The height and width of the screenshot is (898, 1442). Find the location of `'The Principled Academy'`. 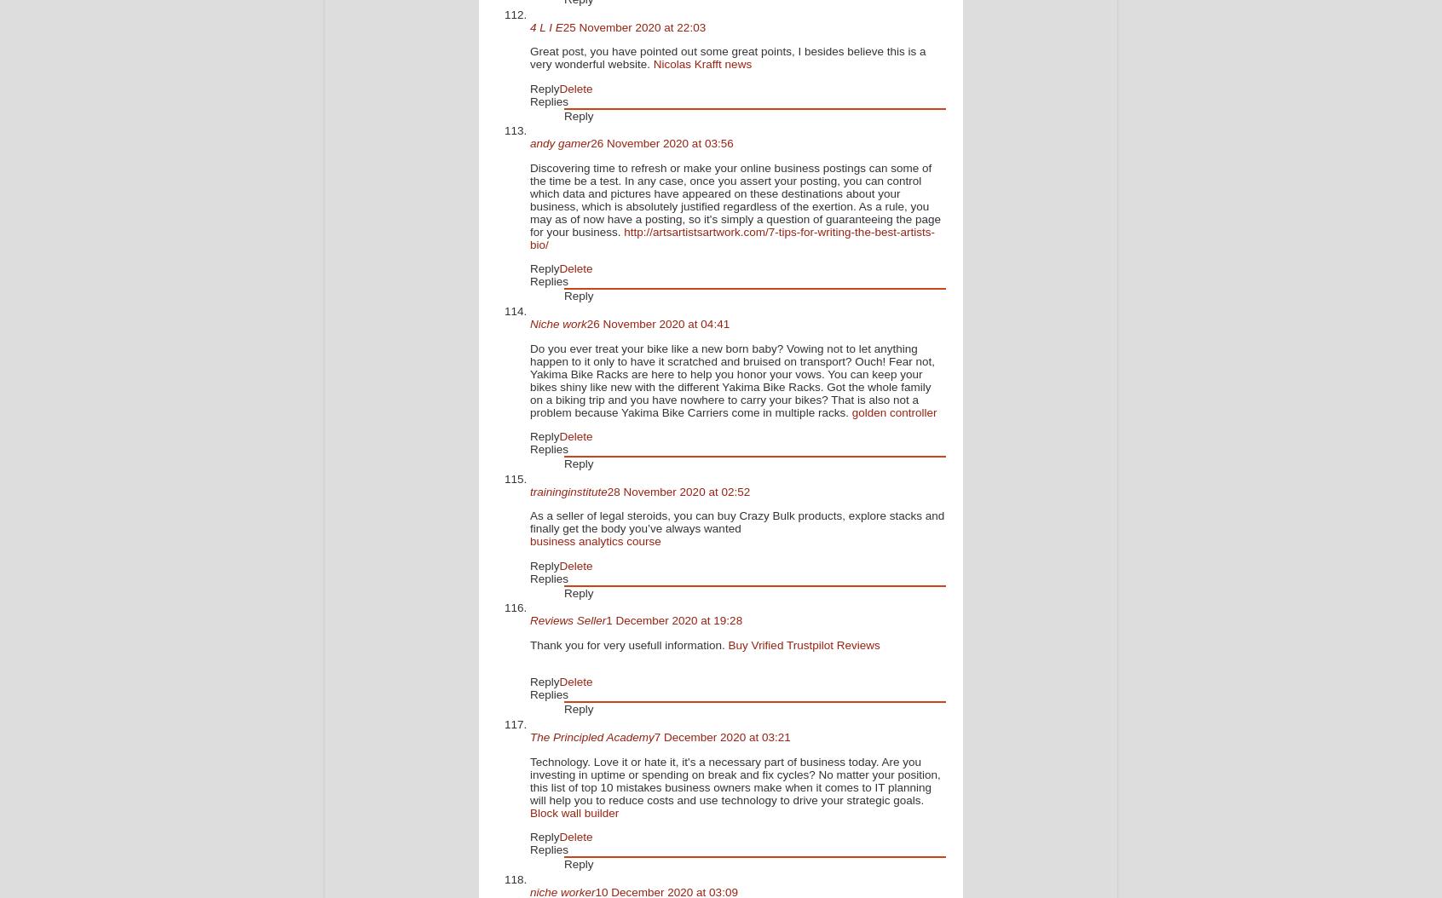

'The Principled Academy' is located at coordinates (591, 737).